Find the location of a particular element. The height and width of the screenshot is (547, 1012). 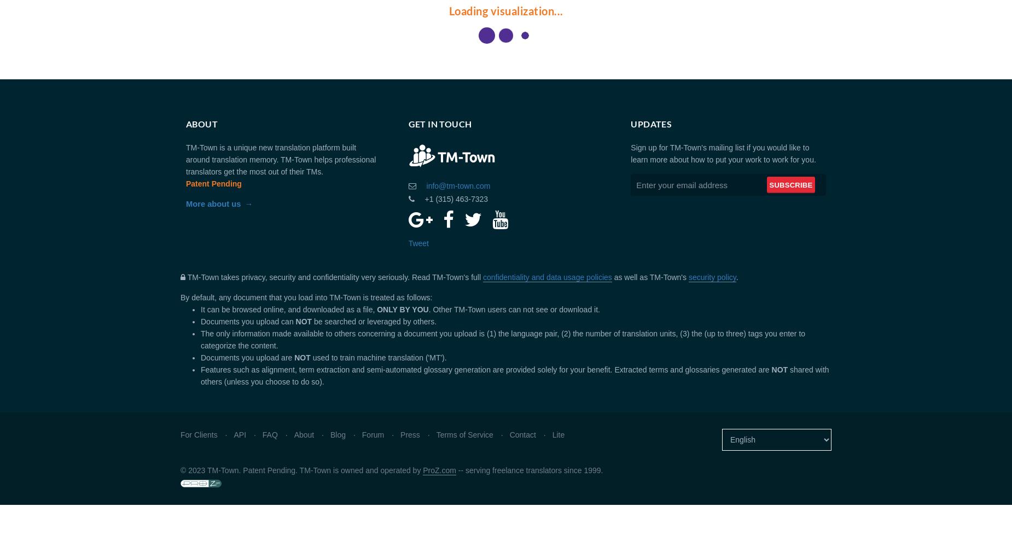

'© 2023 TM-Town. Patent Pending. TM-Town is owned and operated by' is located at coordinates (301, 470).